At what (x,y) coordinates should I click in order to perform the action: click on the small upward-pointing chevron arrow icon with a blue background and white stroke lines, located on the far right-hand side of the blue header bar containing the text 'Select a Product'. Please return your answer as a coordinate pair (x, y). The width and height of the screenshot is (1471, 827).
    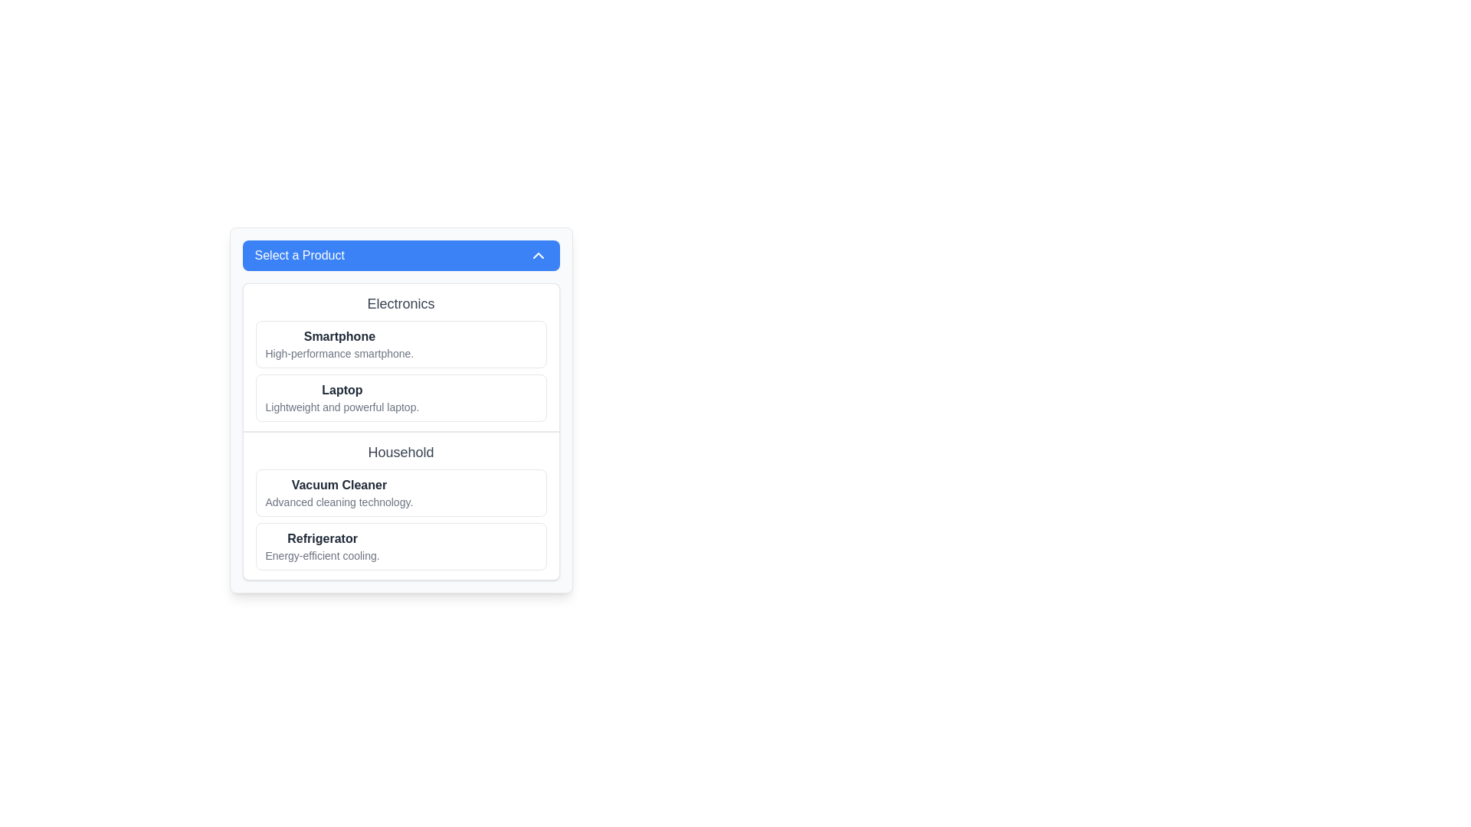
    Looking at the image, I should click on (538, 255).